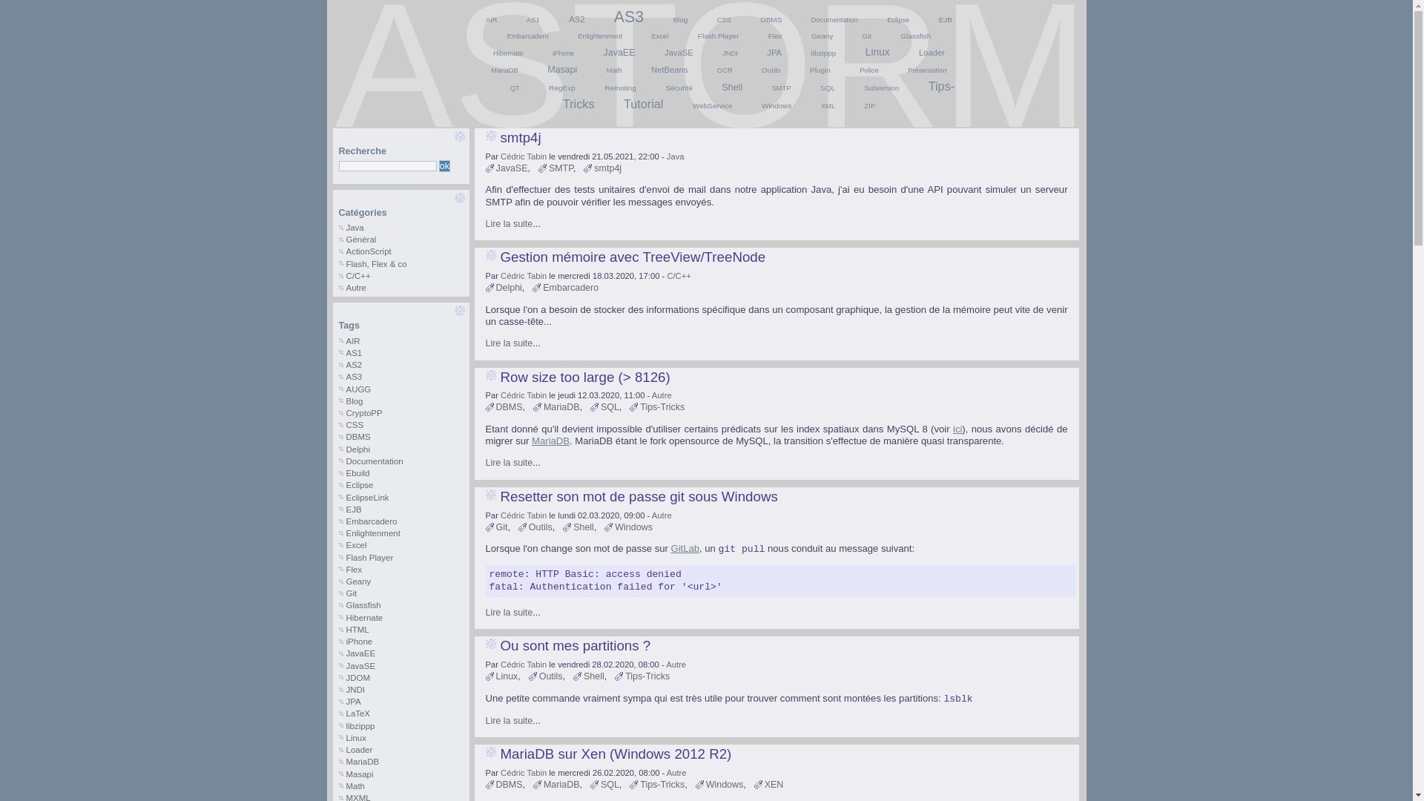  Describe the element at coordinates (357, 275) in the screenshot. I see `'C/C++'` at that location.